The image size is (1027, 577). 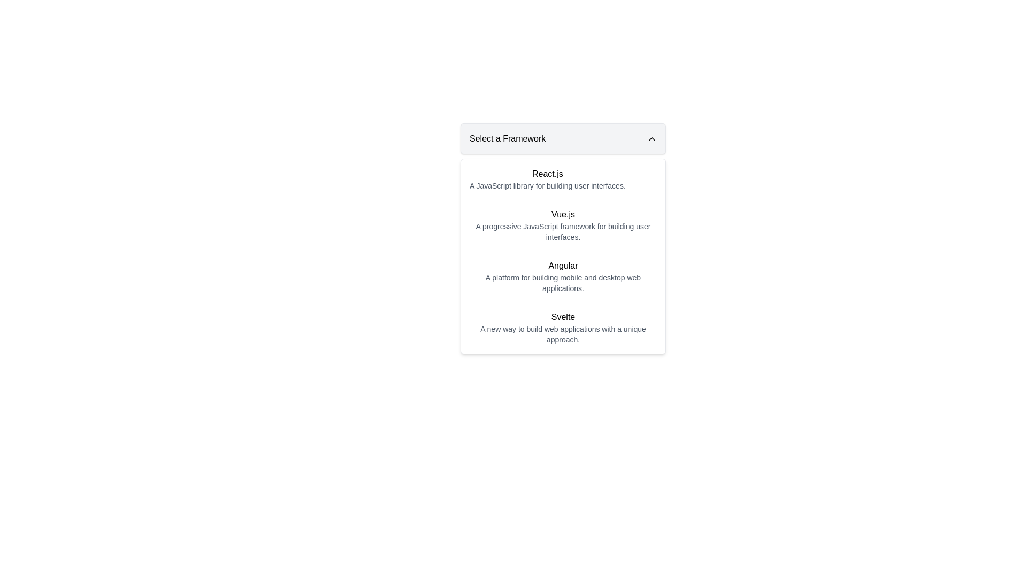 I want to click on the first dropdown menu option labeled 'React.js', so click(x=562, y=178).